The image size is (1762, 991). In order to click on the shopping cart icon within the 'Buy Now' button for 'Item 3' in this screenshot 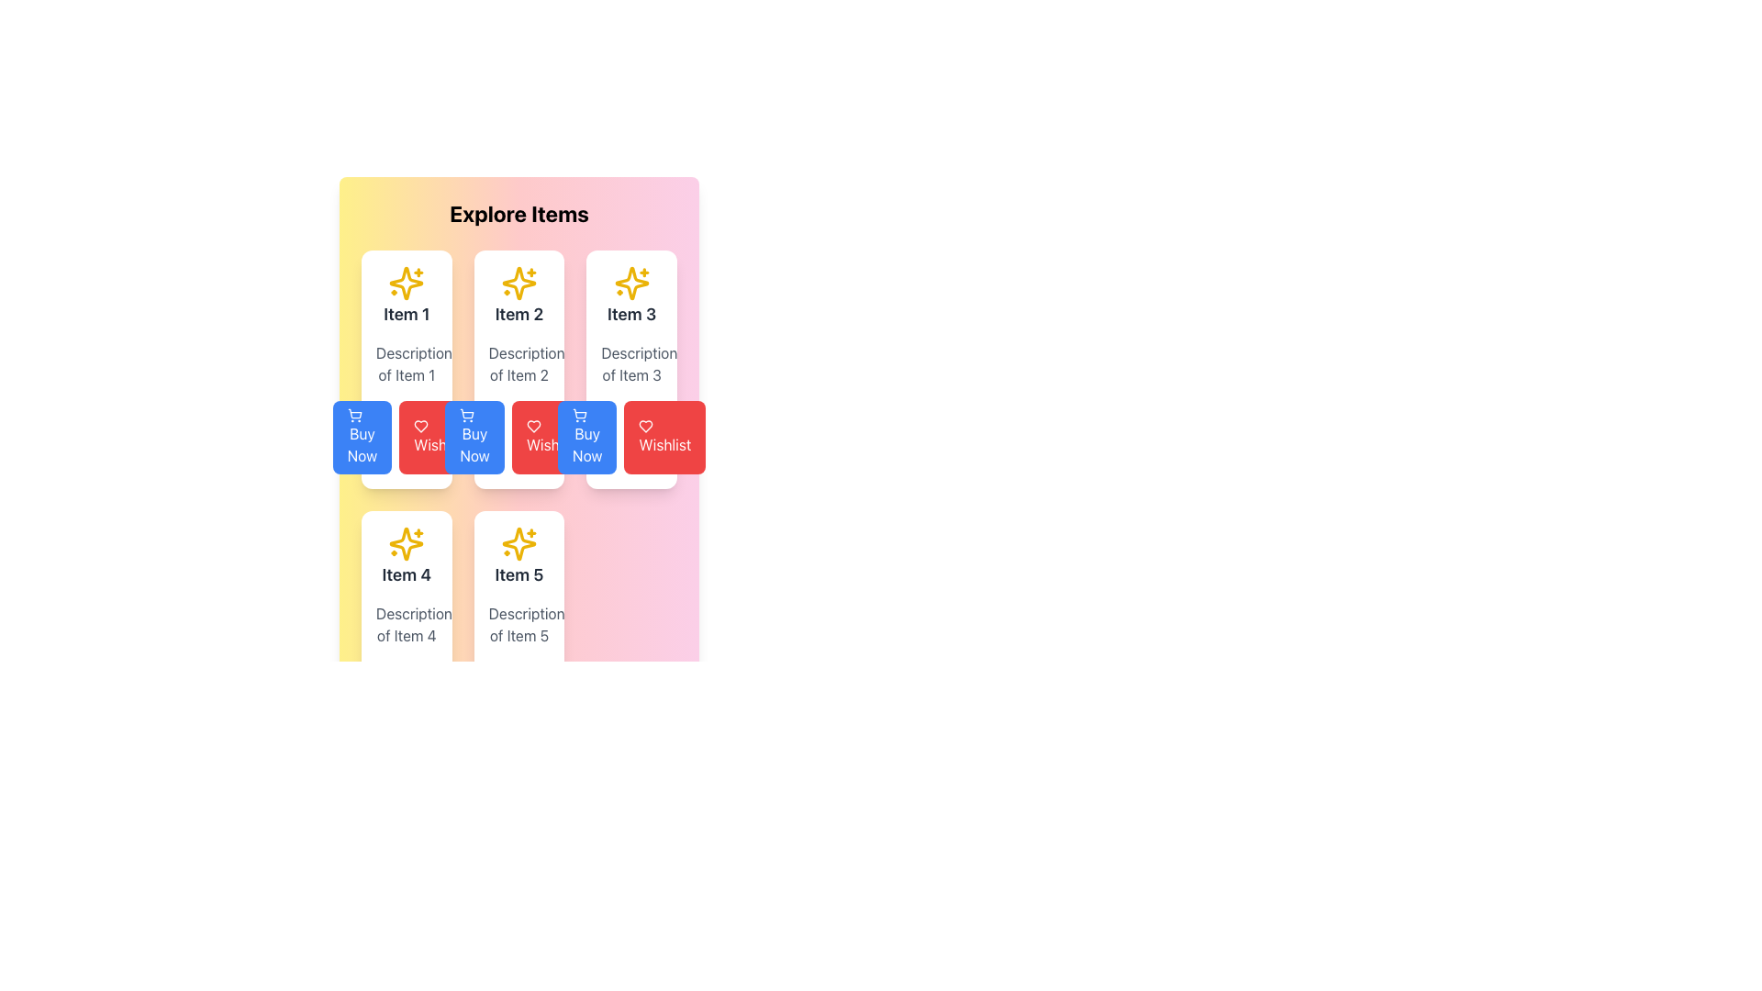, I will do `click(579, 415)`.